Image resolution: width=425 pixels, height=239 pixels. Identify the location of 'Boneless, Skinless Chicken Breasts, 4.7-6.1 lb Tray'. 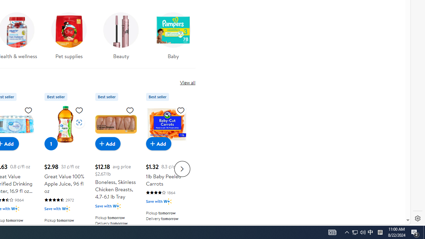
(116, 124).